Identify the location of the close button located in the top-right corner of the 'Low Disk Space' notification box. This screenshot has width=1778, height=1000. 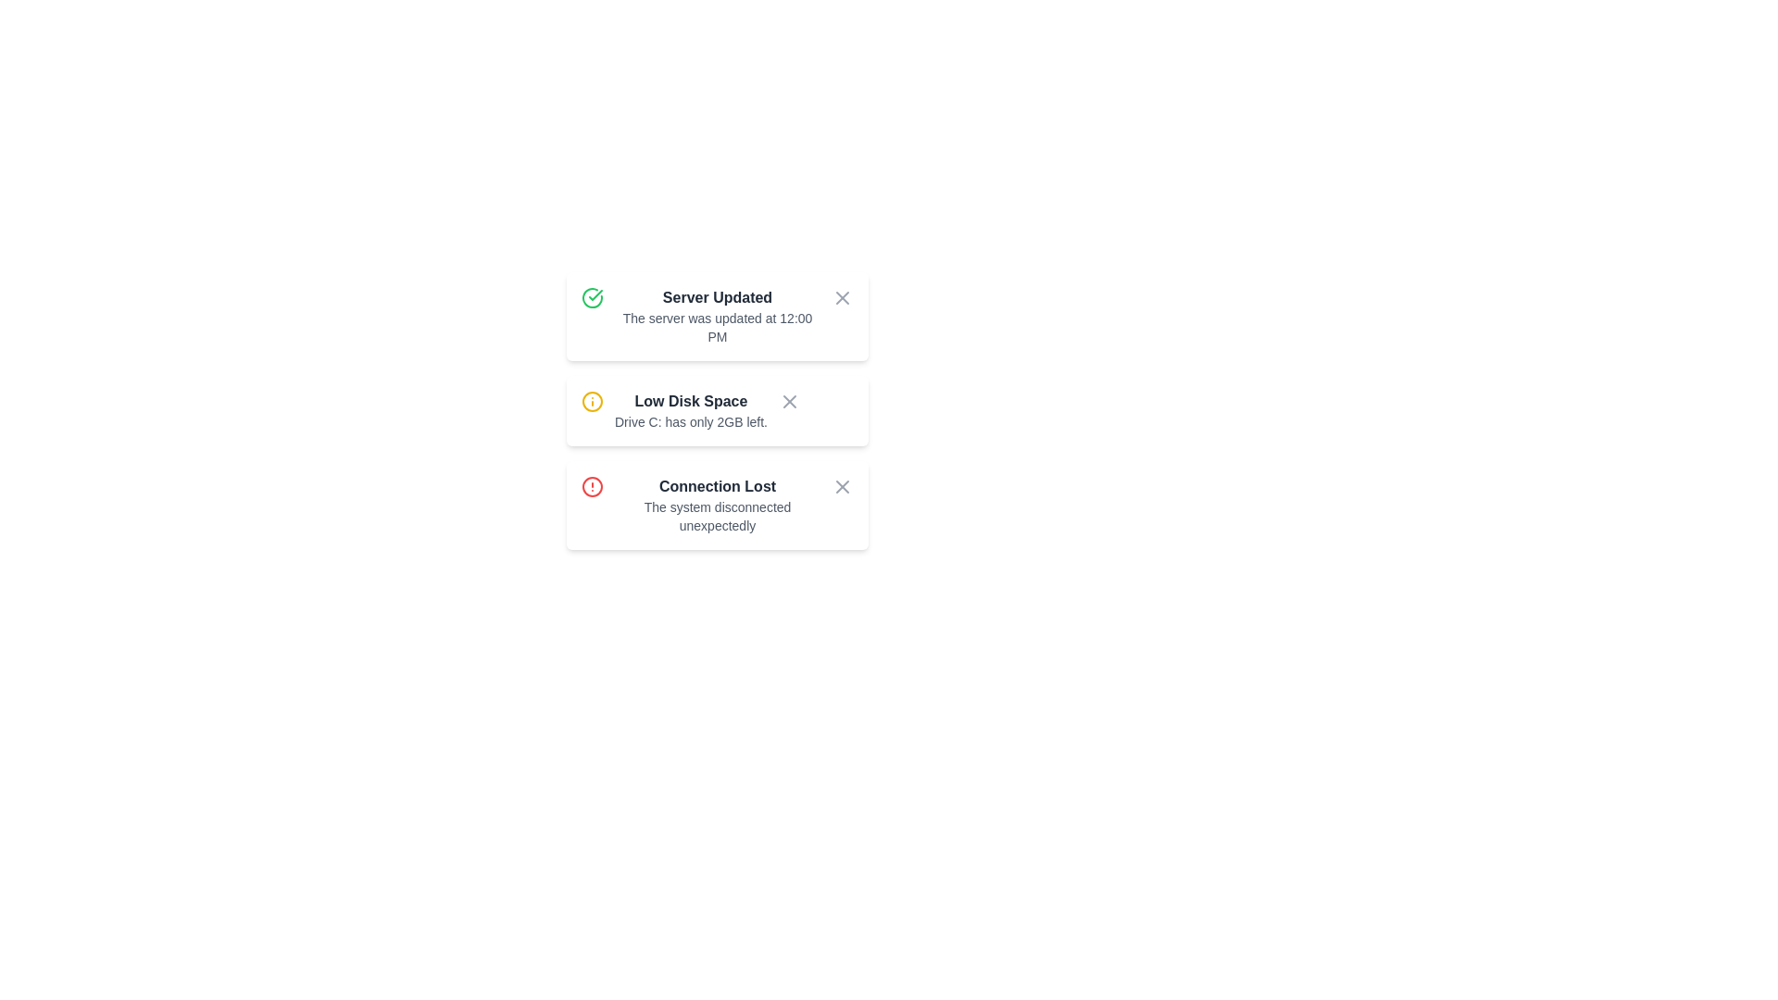
(789, 401).